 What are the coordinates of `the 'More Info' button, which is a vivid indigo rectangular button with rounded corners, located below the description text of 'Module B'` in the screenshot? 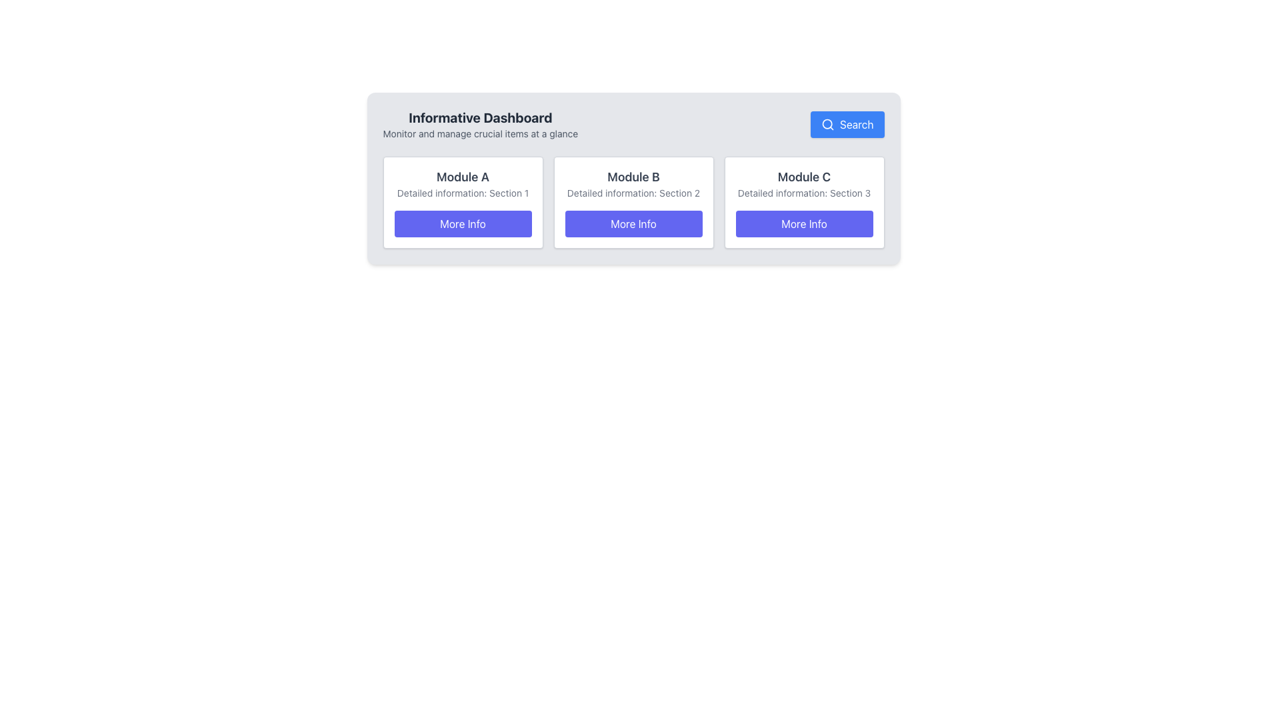 It's located at (633, 223).